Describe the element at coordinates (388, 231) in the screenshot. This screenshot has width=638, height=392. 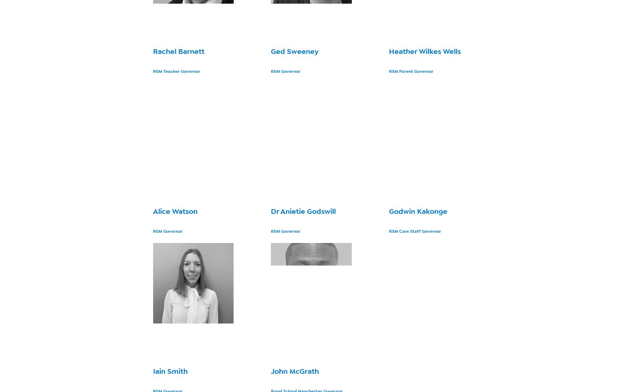
I see `'RSM Care Staff Governor'` at that location.